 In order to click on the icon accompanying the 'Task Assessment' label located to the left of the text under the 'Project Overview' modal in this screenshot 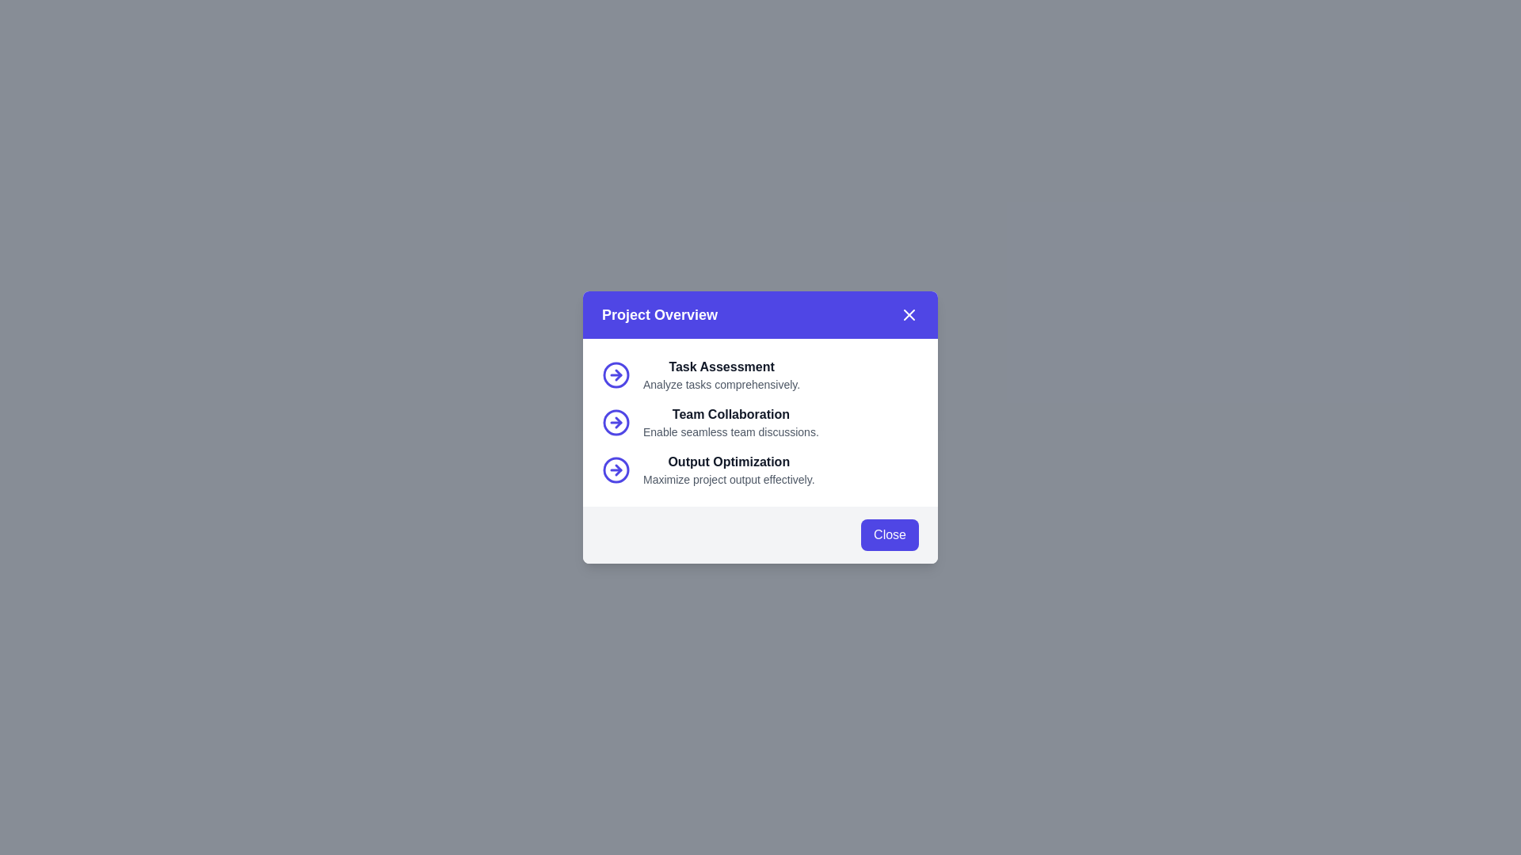, I will do `click(615, 375)`.